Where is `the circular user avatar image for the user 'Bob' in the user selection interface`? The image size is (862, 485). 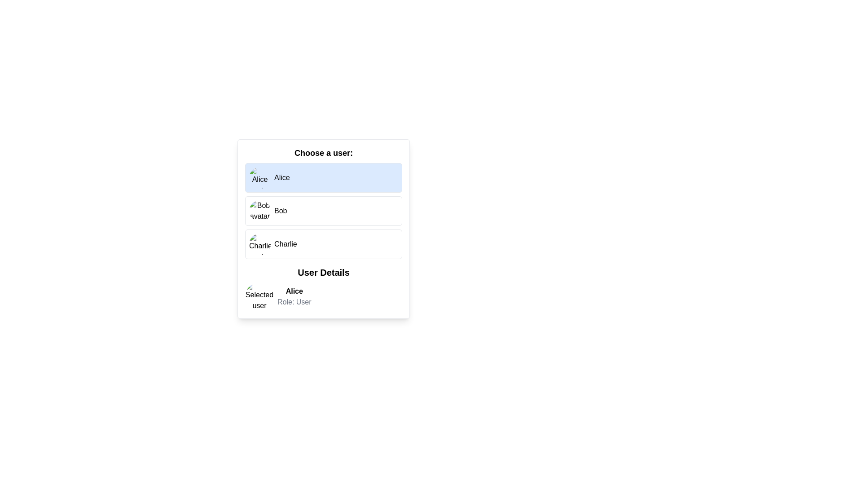
the circular user avatar image for the user 'Bob' in the user selection interface is located at coordinates (259, 211).